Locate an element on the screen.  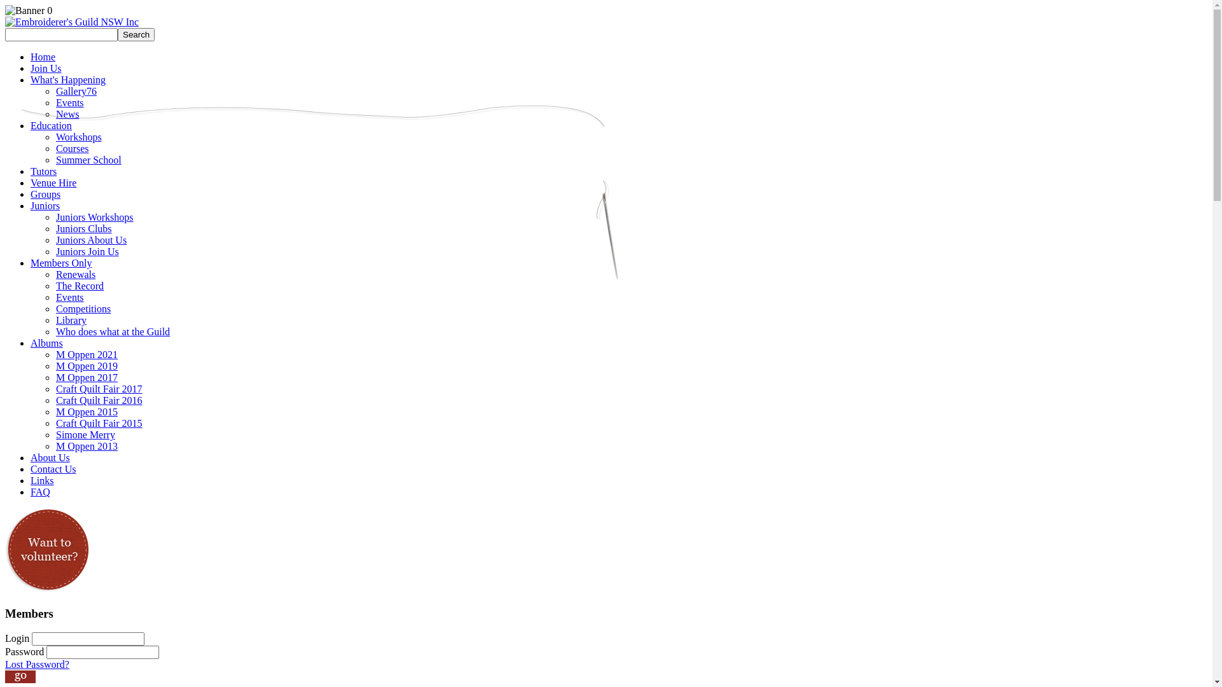
'M Oppen 2017' is located at coordinates (86, 377).